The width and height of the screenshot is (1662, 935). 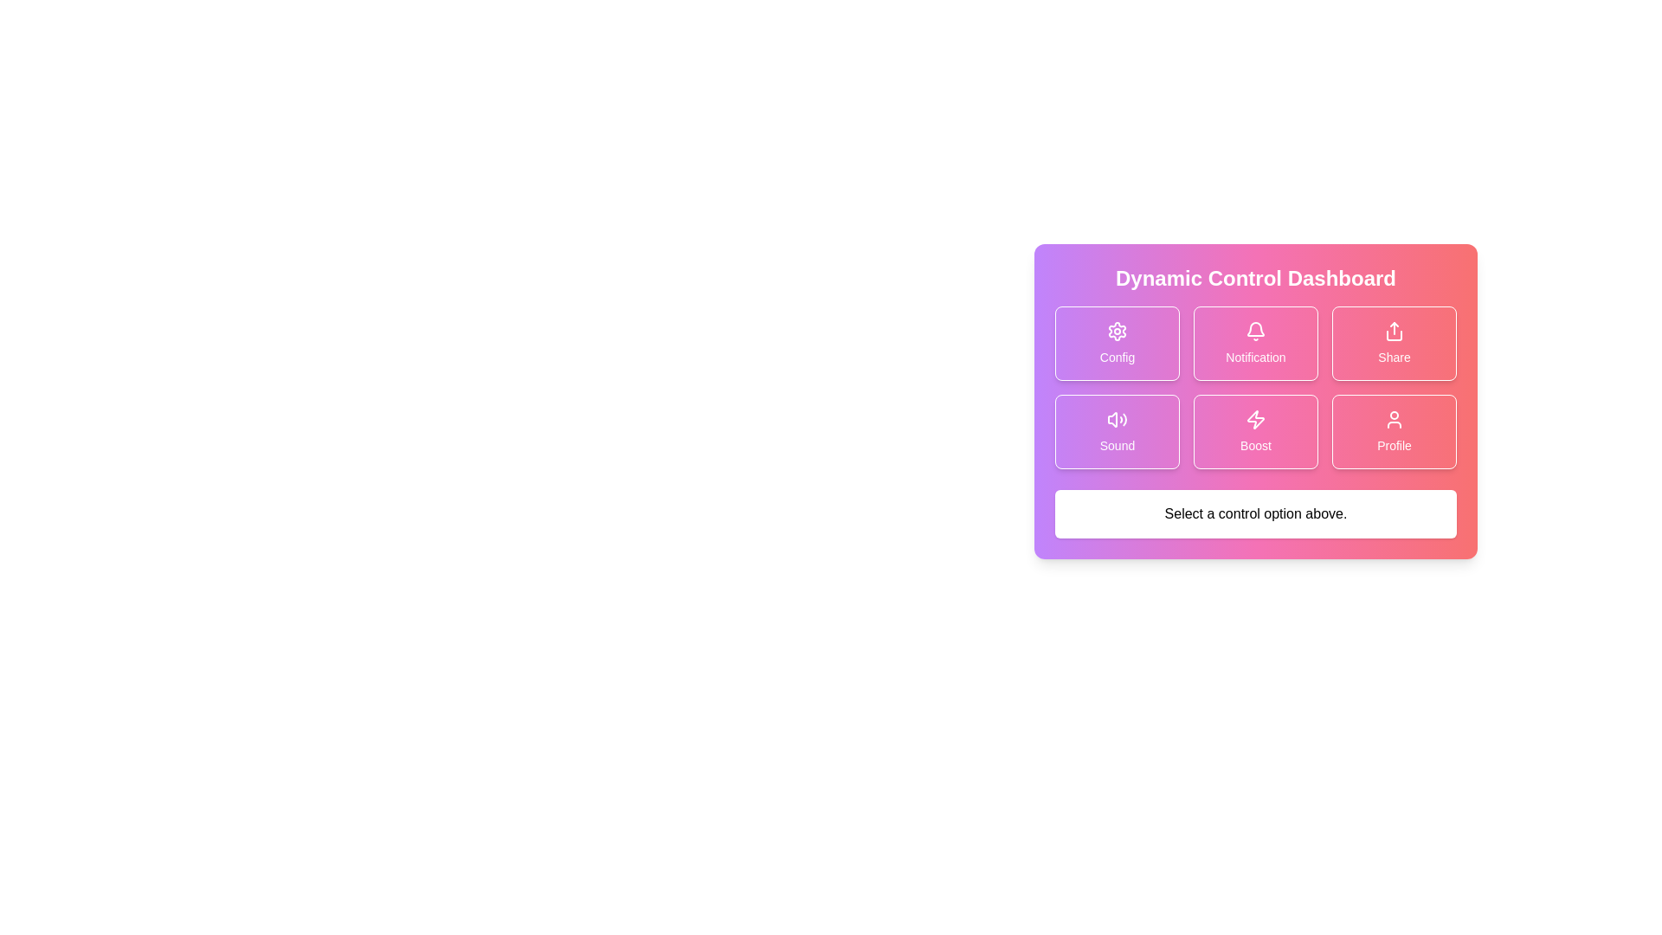 I want to click on the 'Profile' button, which is a rectangular card-like component with a gradient background and a user profile icon, located in the bottom-right of the 2x3 grid in the 'Dynamic Control Dashboard', so click(x=1395, y=430).